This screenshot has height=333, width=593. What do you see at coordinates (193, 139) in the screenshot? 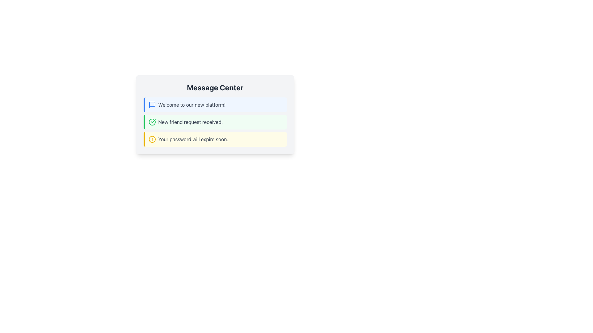
I see `the static notification message about password expiration, which is the third element in the 'Message Center' notifications list` at bounding box center [193, 139].